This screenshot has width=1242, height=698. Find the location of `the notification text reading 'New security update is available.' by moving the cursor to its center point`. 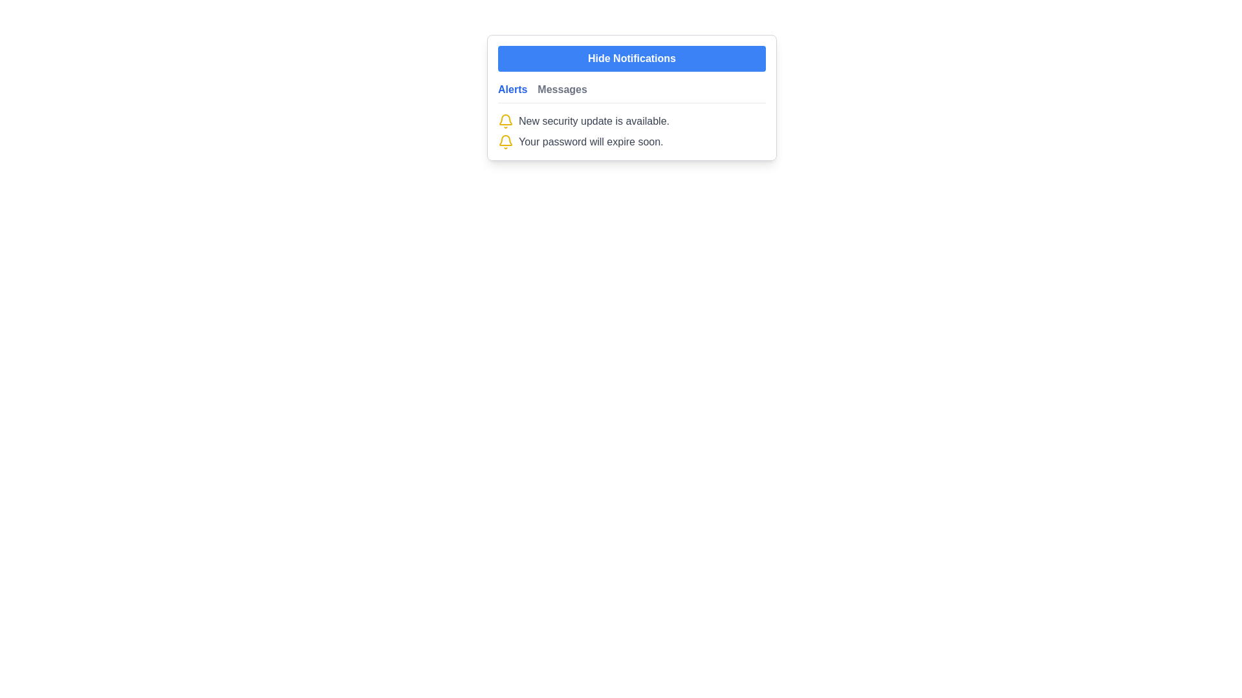

the notification text reading 'New security update is available.' by moving the cursor to its center point is located at coordinates (632, 122).